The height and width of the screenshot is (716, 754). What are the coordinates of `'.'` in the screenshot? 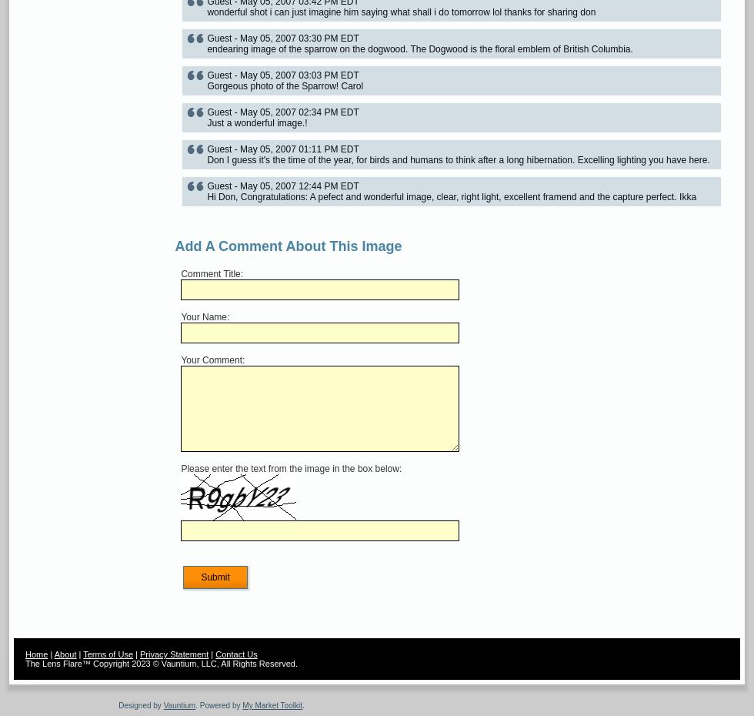 It's located at (302, 705).